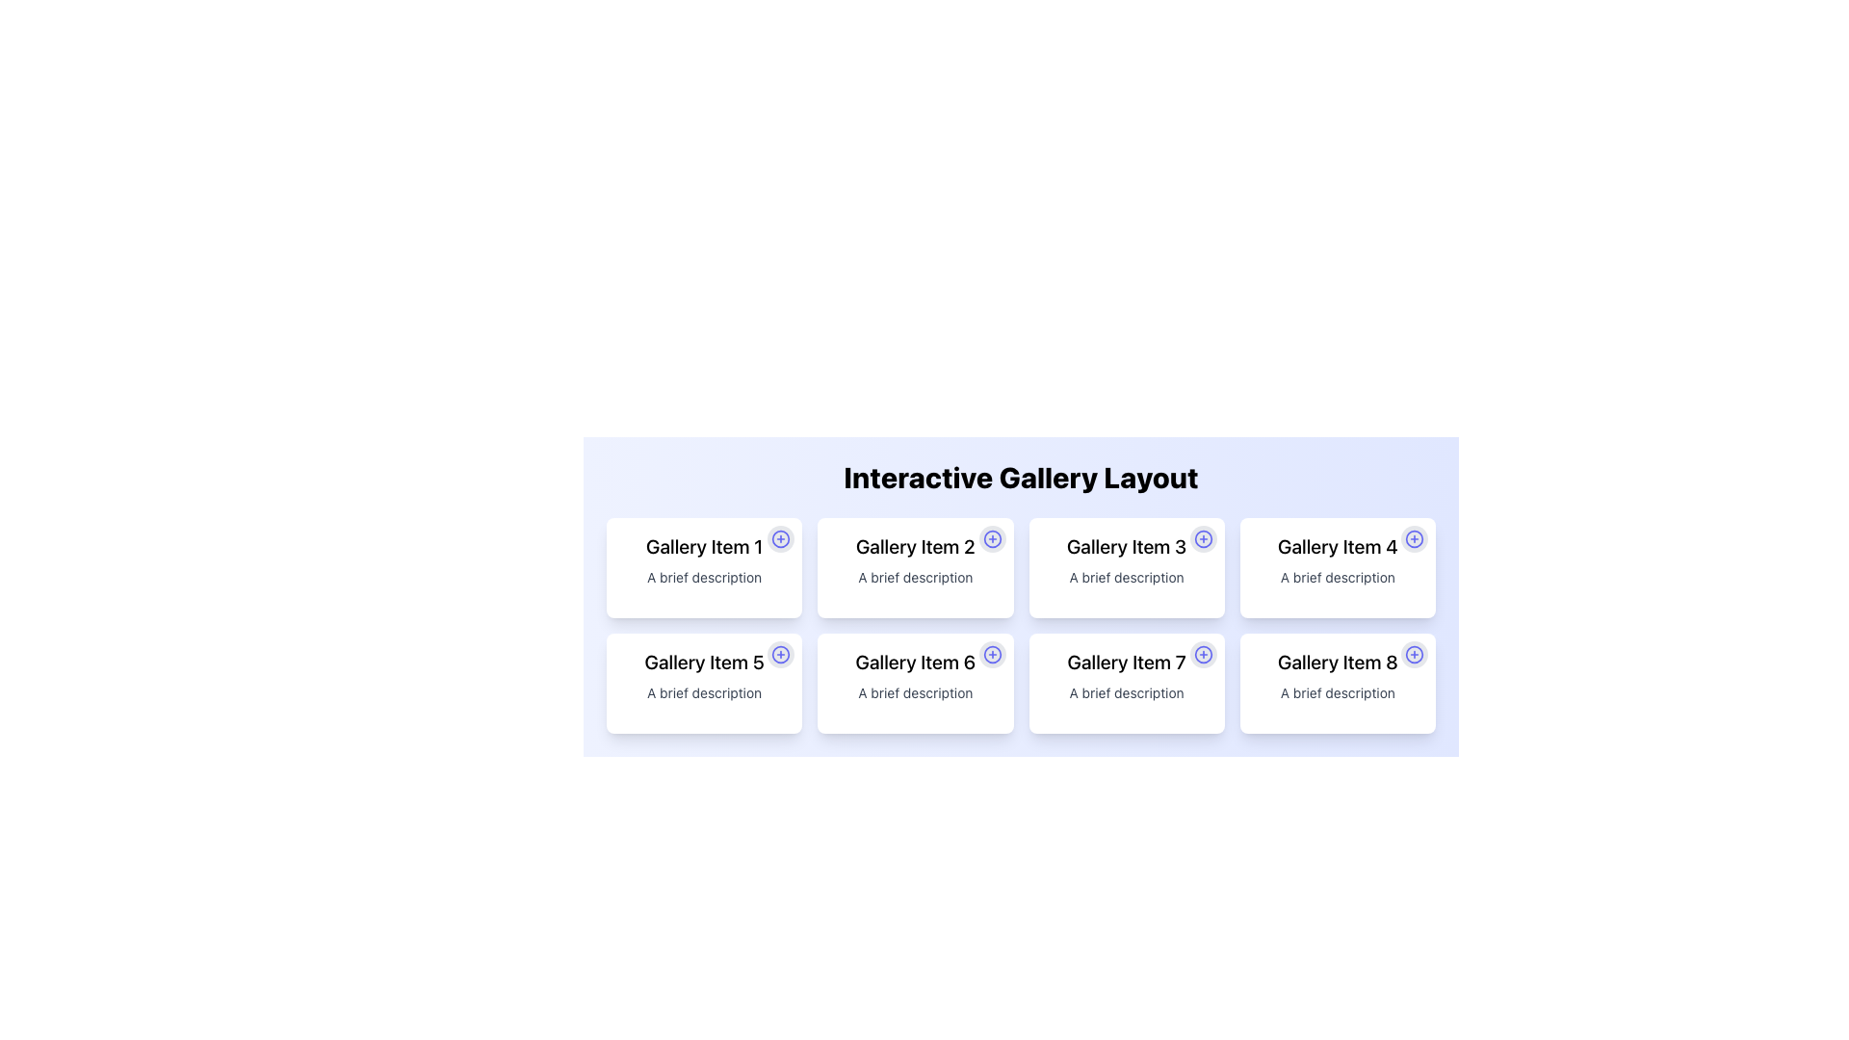 The width and height of the screenshot is (1849, 1040). I want to click on the '+' icon button with a blue outline located in the top-right corner of the 'Gallery Item 7' card, so click(1202, 653).